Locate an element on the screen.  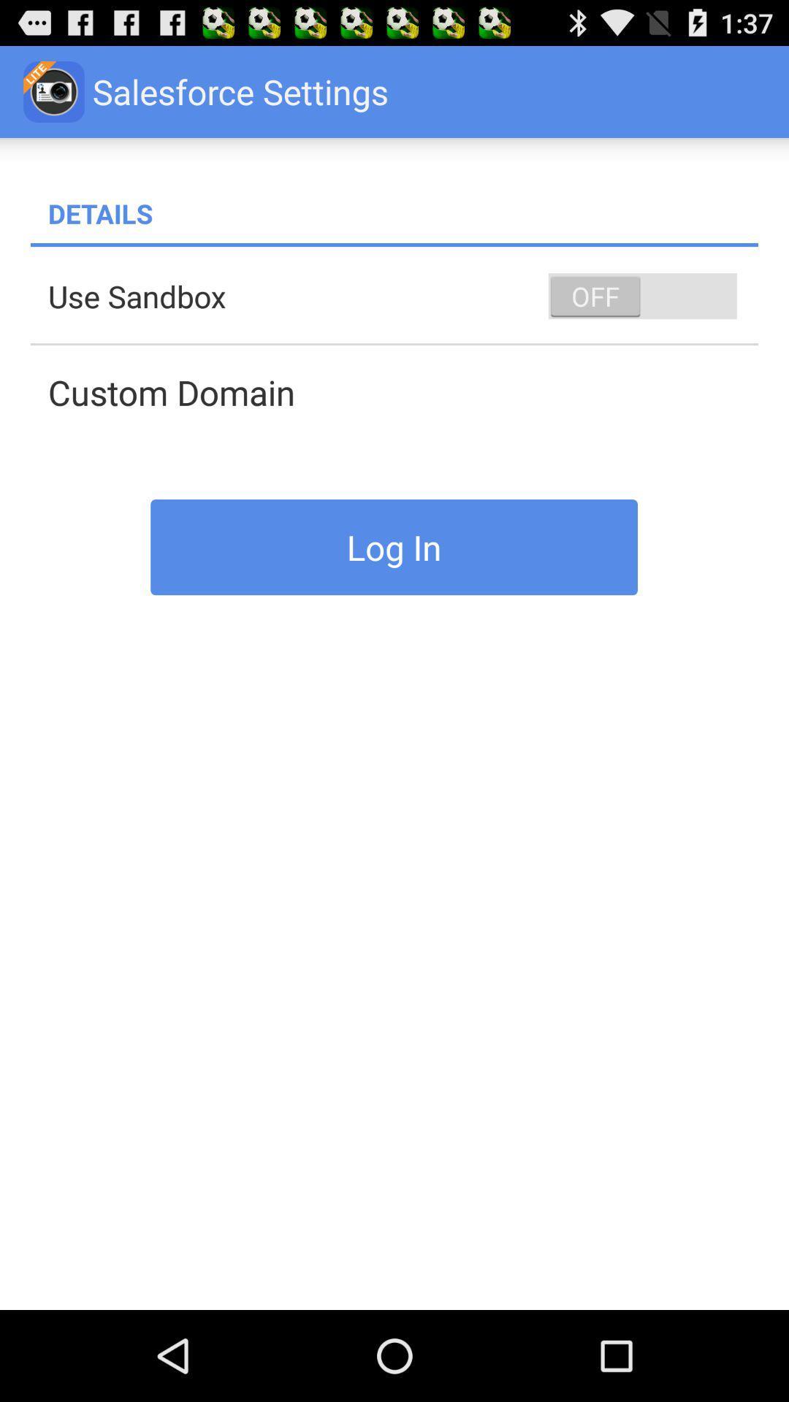
item below the custom domain is located at coordinates (393, 546).